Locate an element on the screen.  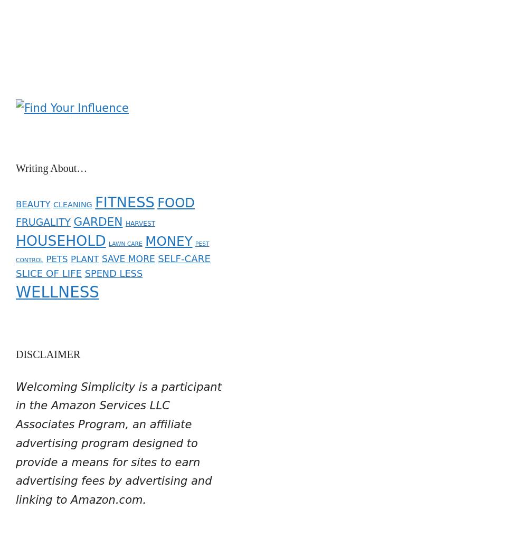
'SELF-CARE' is located at coordinates (157, 251).